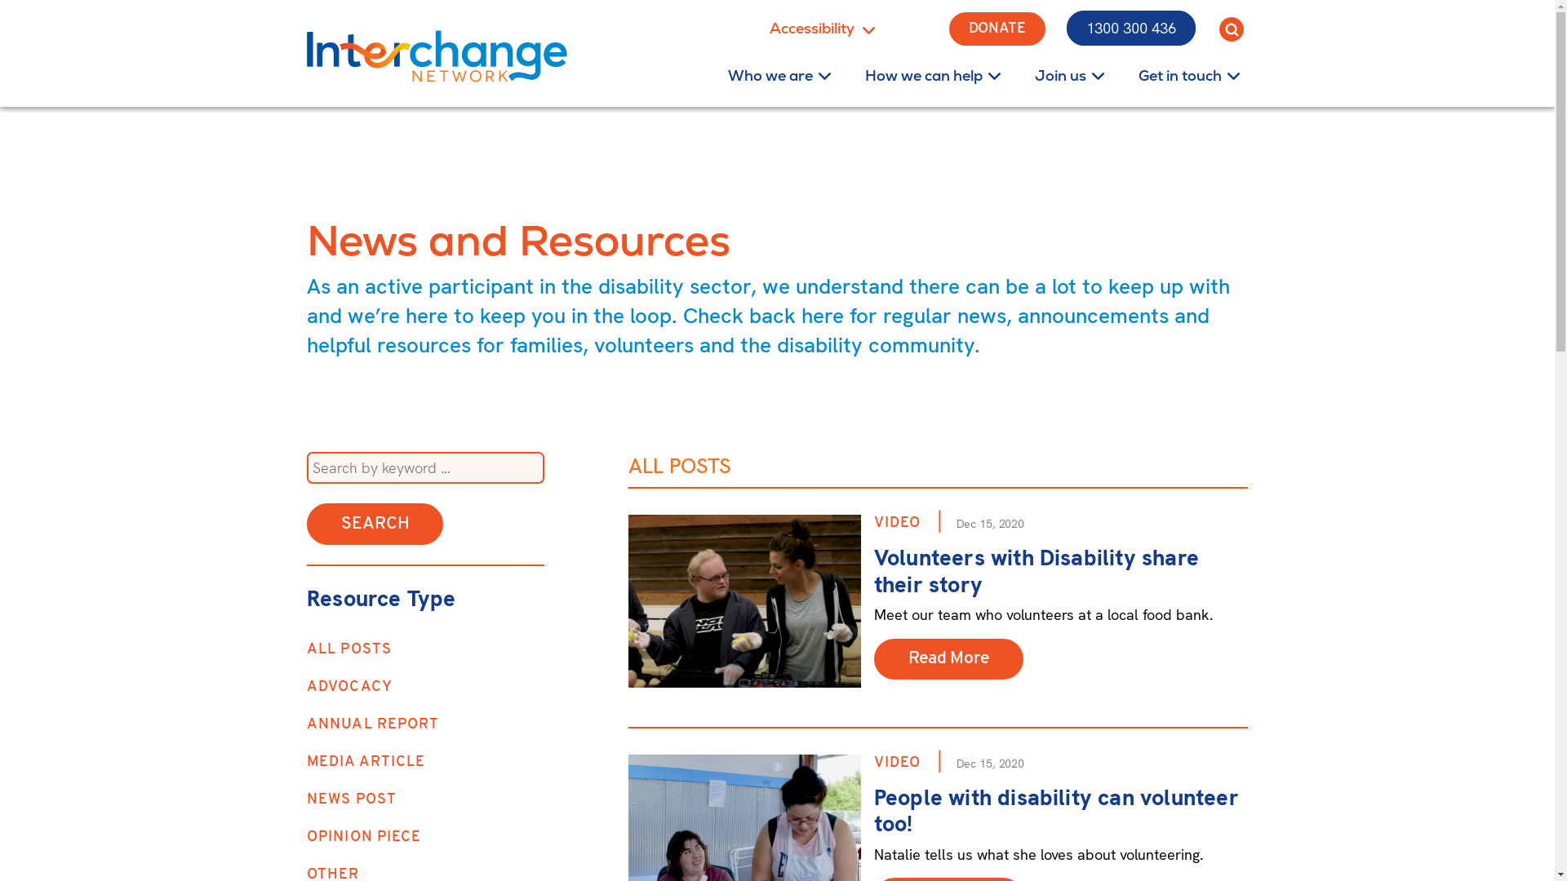 The width and height of the screenshot is (1567, 881). Describe the element at coordinates (363, 837) in the screenshot. I see `'OPINION PIECE'` at that location.